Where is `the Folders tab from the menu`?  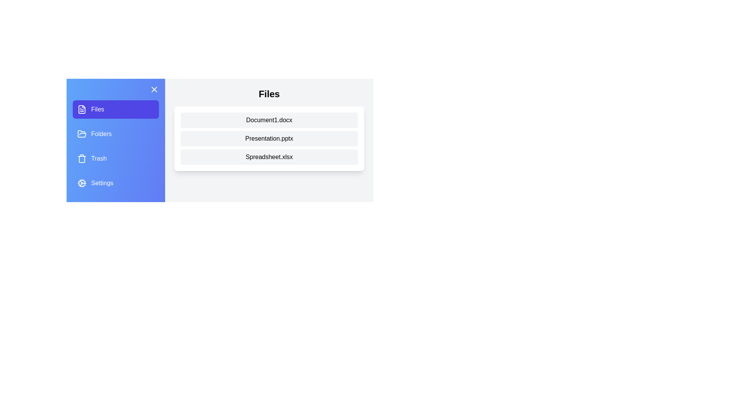 the Folders tab from the menu is located at coordinates (115, 133).